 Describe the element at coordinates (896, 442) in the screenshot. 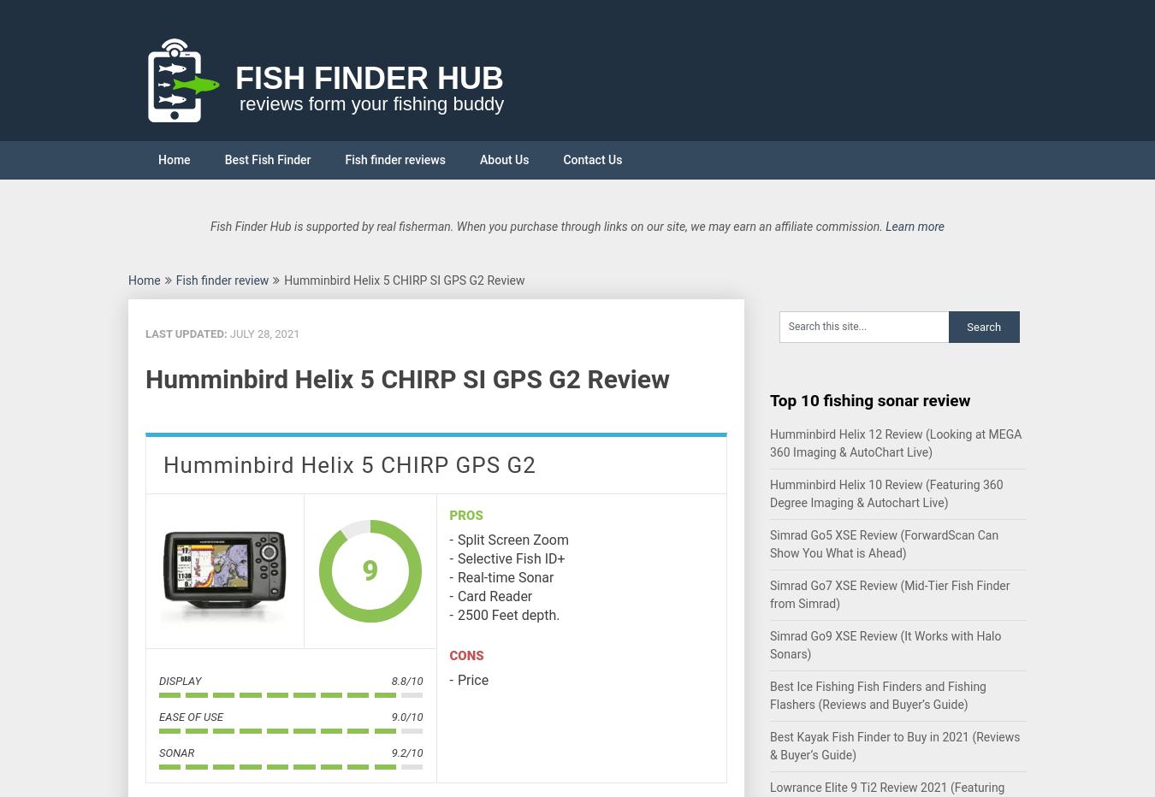

I see `'Humminbird Helix 12 Review (Looking at MEGA 360 Imaging & AutoChart Live)'` at that location.